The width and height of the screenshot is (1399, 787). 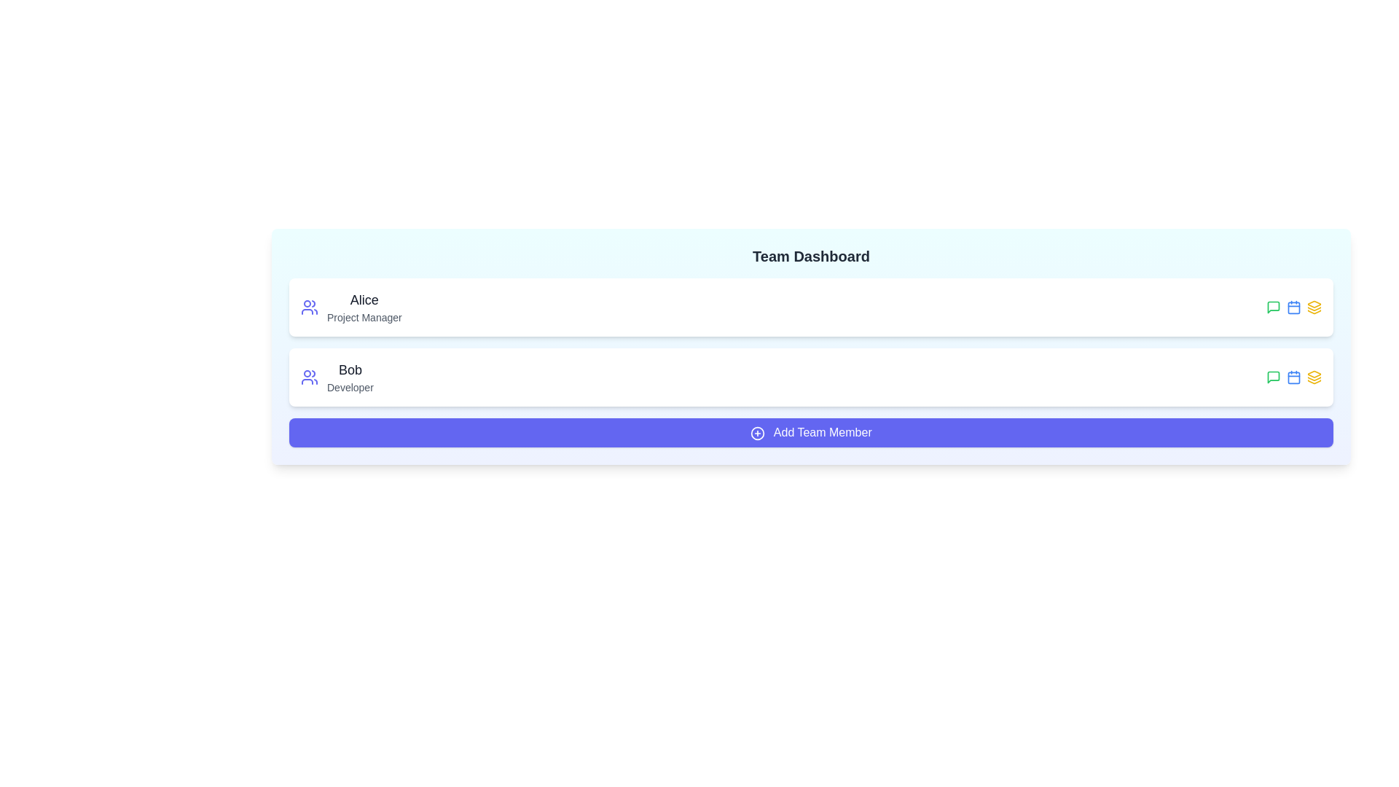 What do you see at coordinates (1294, 376) in the screenshot?
I see `the calendar icon representing the scheduling tool for accessibility purposes, positioned as the second icon in a row of three icons next to the 'Bob - Developer' entry` at bounding box center [1294, 376].